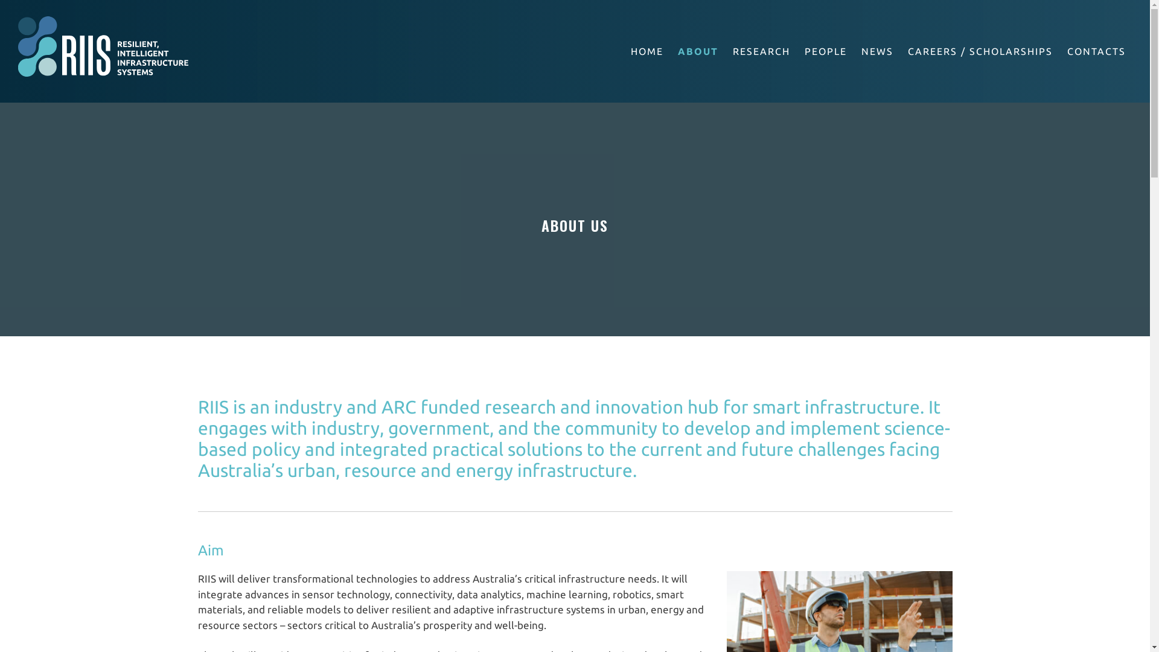 This screenshot has width=1159, height=652. Describe the element at coordinates (825, 50) in the screenshot. I see `'PEOPLE'` at that location.